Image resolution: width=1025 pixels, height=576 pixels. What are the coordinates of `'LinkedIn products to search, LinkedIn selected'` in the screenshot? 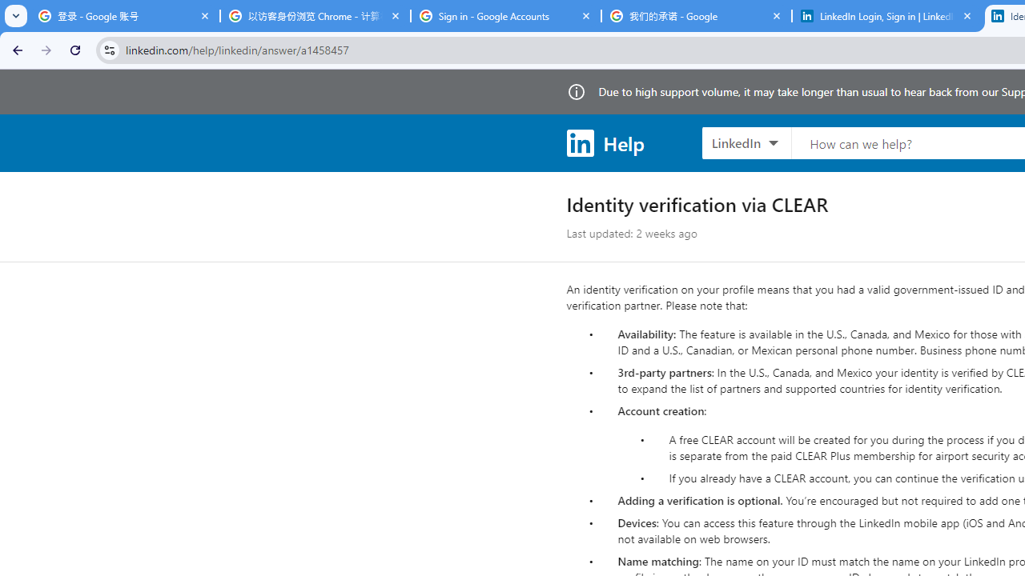 It's located at (746, 142).